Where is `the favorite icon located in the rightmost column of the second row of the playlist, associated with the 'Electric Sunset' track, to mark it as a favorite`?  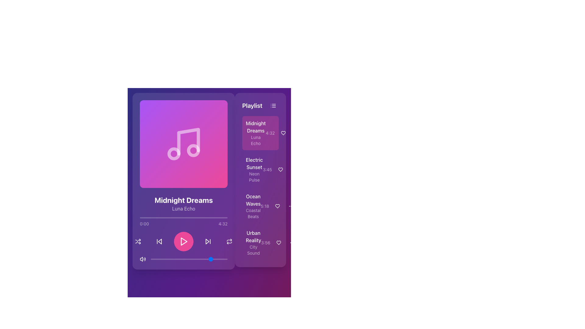
the favorite icon located in the rightmost column of the second row of the playlist, associated with the 'Electric Sunset' track, to mark it as a favorite is located at coordinates (280, 169).